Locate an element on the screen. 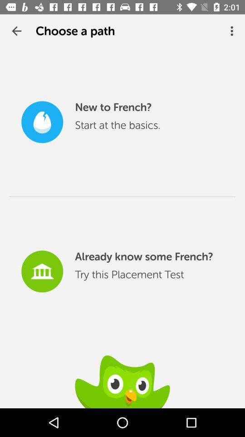 This screenshot has width=245, height=437. icon next to choose a path icon is located at coordinates (233, 31).